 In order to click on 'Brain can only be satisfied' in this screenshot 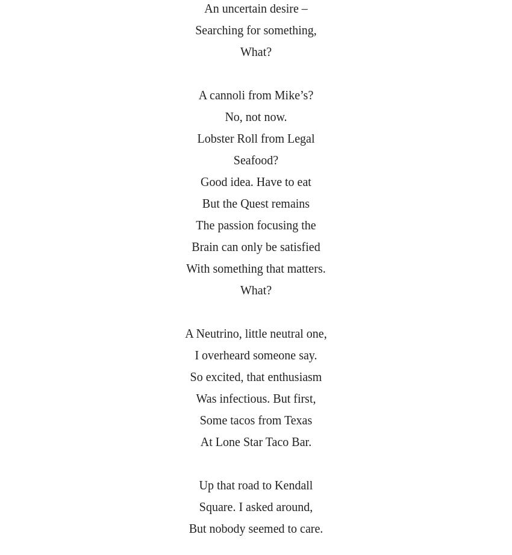, I will do `click(191, 246)`.